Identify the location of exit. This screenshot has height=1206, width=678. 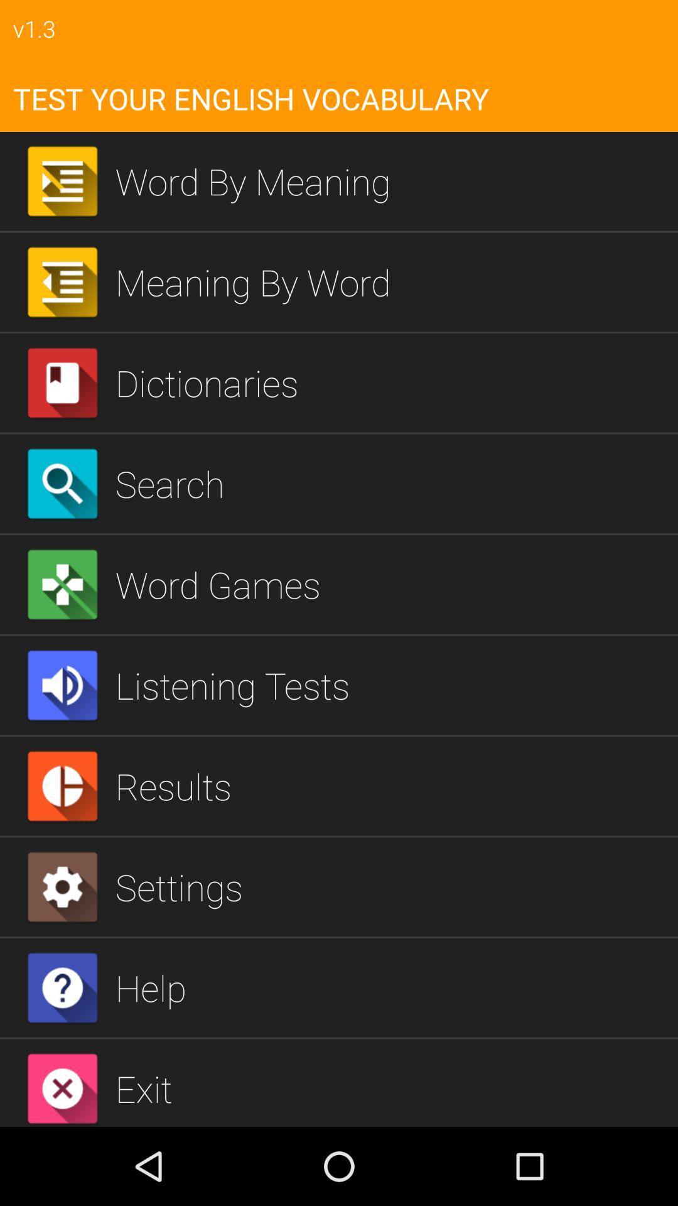
(391, 1087).